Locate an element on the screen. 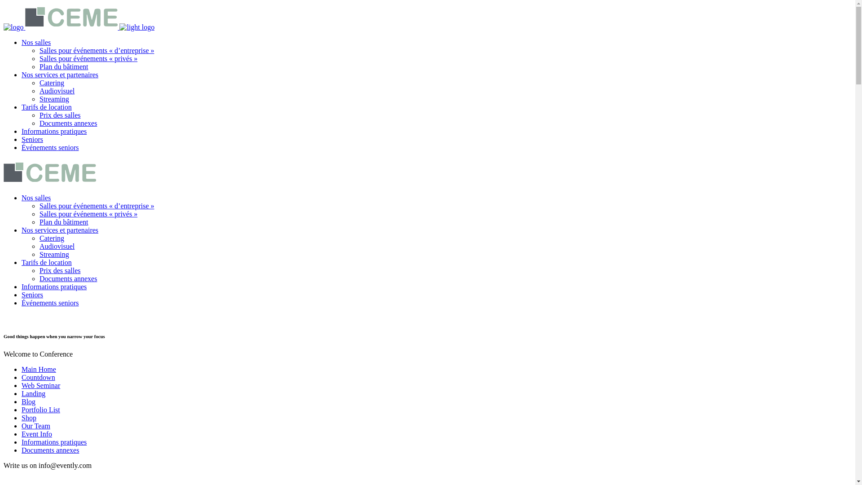 Image resolution: width=862 pixels, height=485 pixels. 'Documents annexes' is located at coordinates (68, 278).